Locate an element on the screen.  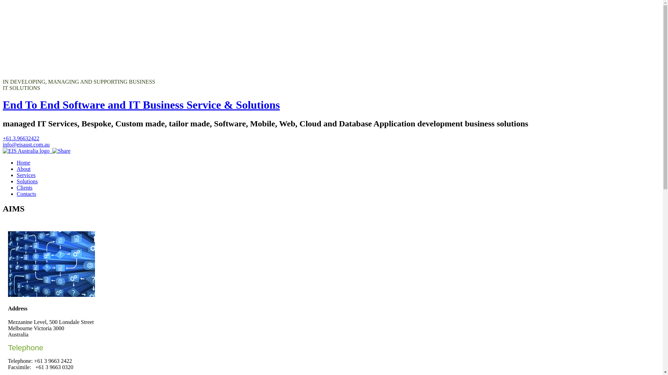
'Solutions' is located at coordinates (27, 181).